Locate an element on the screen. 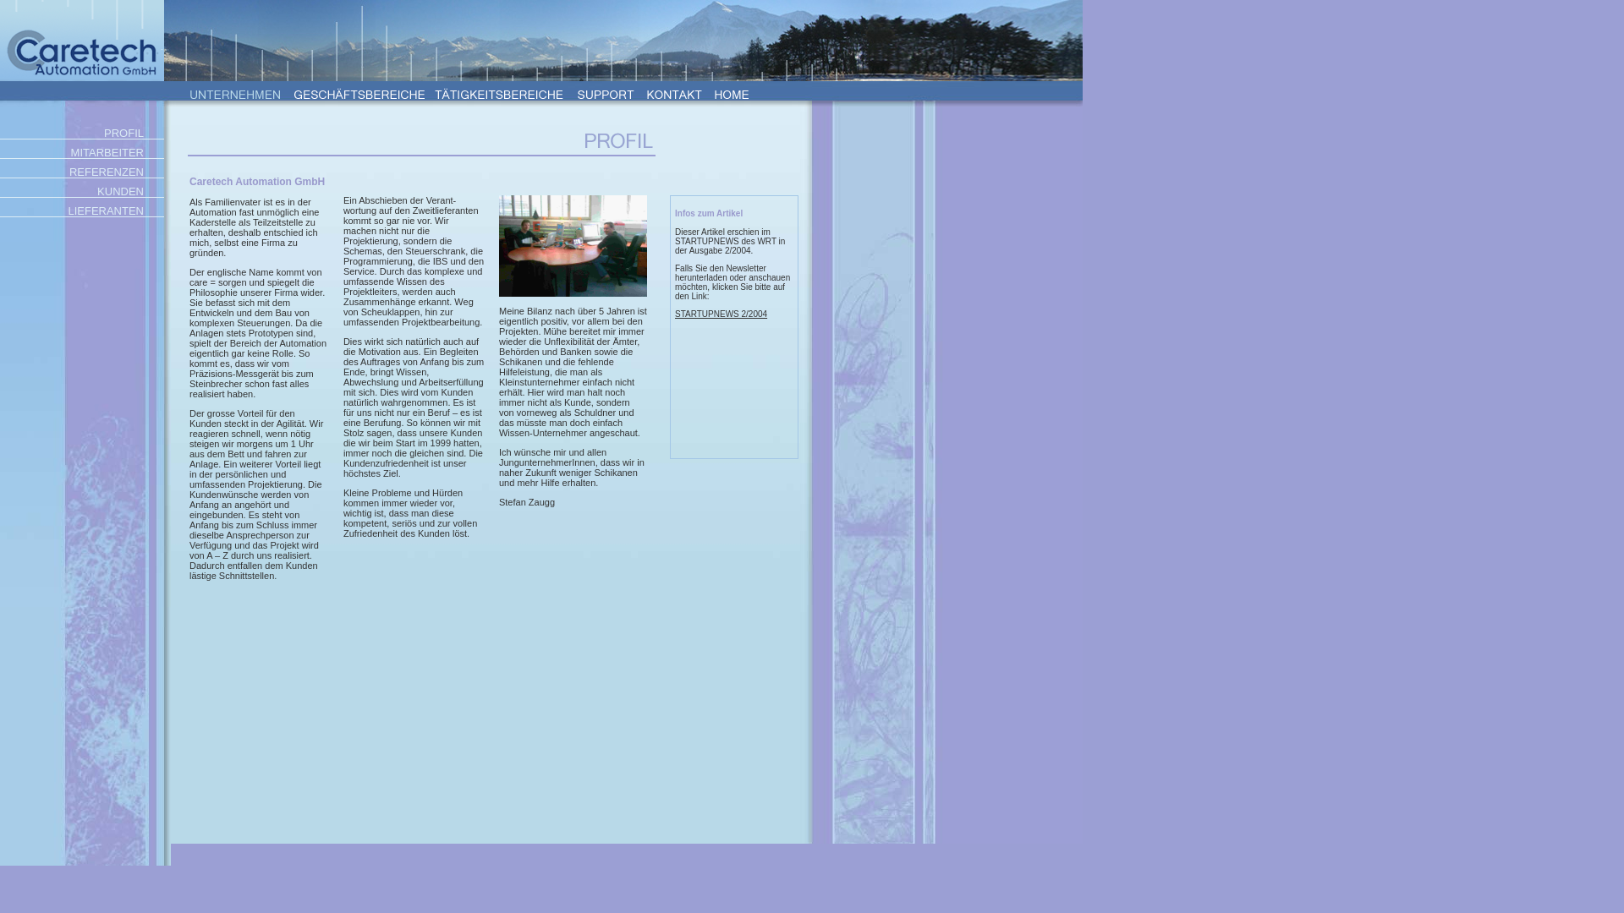  'REFERENZEN' is located at coordinates (80, 172).